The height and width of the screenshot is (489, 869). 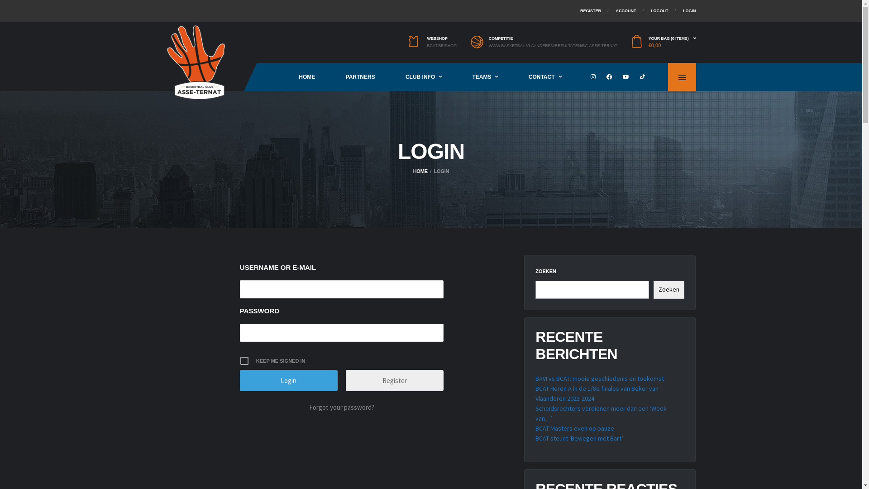 I want to click on 'WWW.BASKETBAL.VLAANDEREN/RESULTATEN/BC-ASSE-TERNAT', so click(x=553, y=46).